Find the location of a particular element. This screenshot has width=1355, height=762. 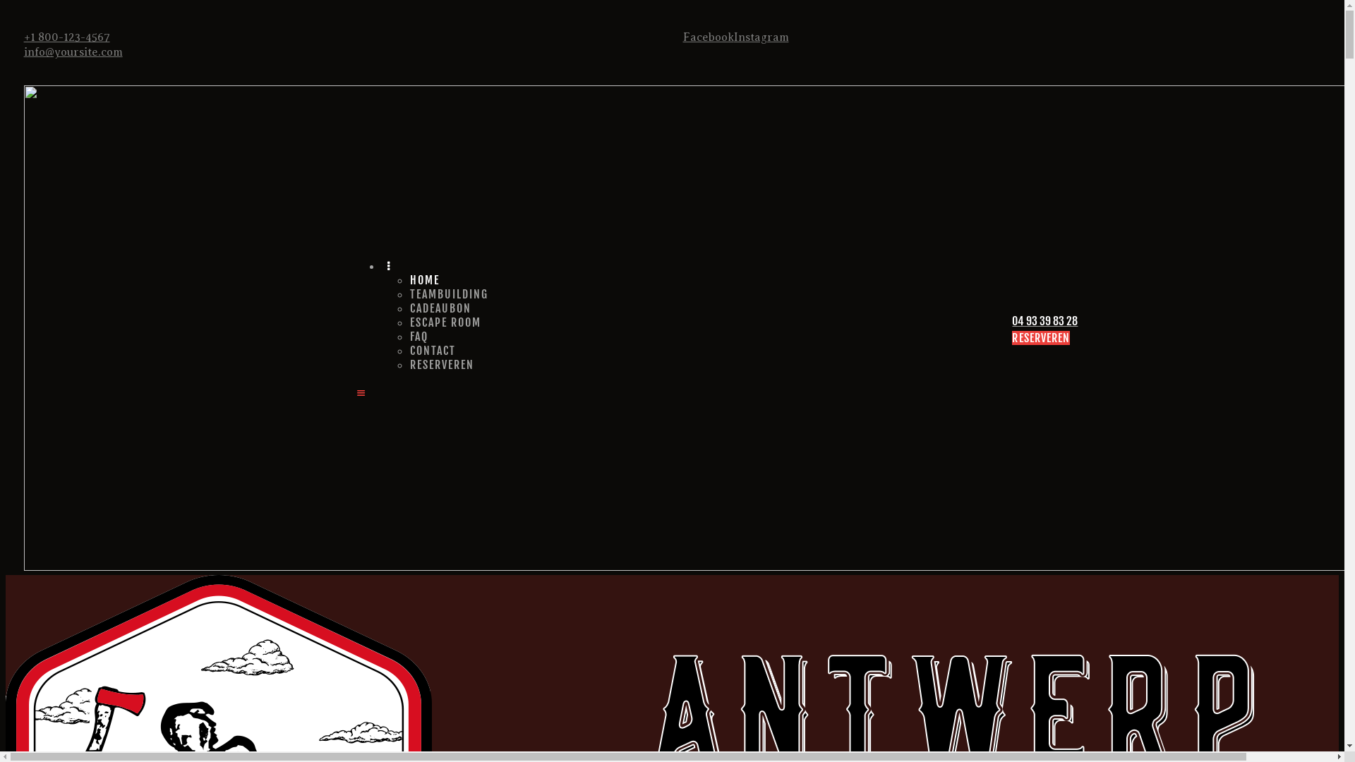

'04 93 39 83 28' is located at coordinates (1044, 321).